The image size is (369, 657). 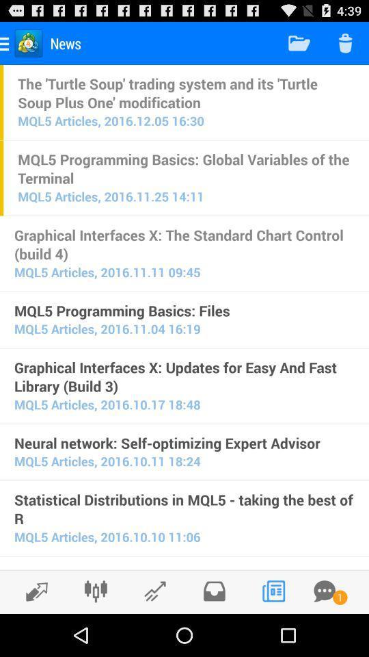 I want to click on saved articles, so click(x=214, y=591).